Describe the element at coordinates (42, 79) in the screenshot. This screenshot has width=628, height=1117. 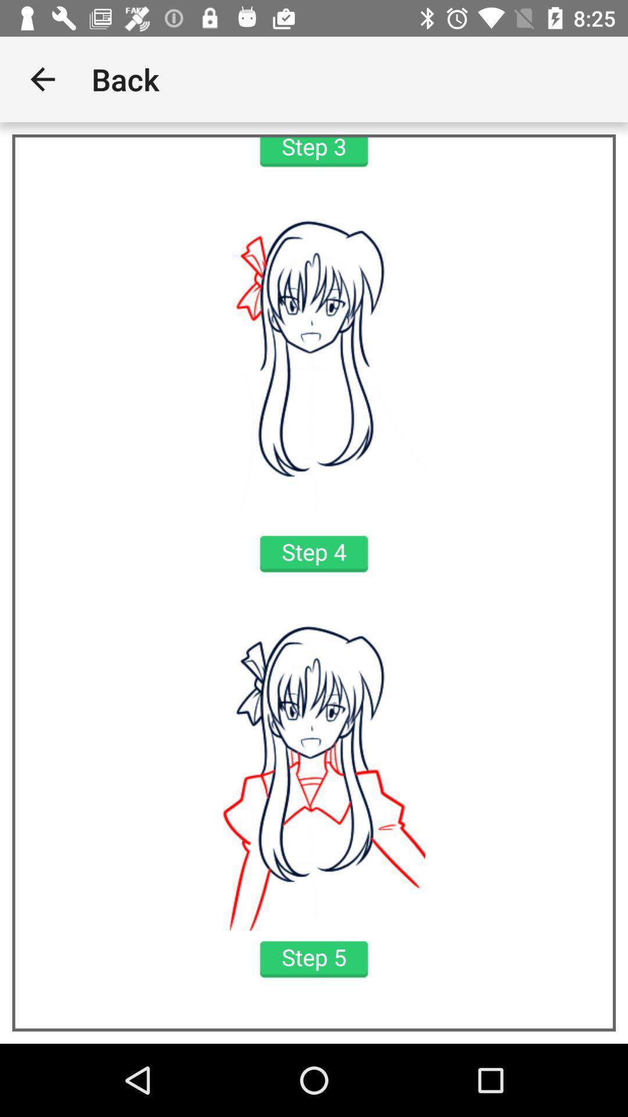
I see `icon to the left of back item` at that location.